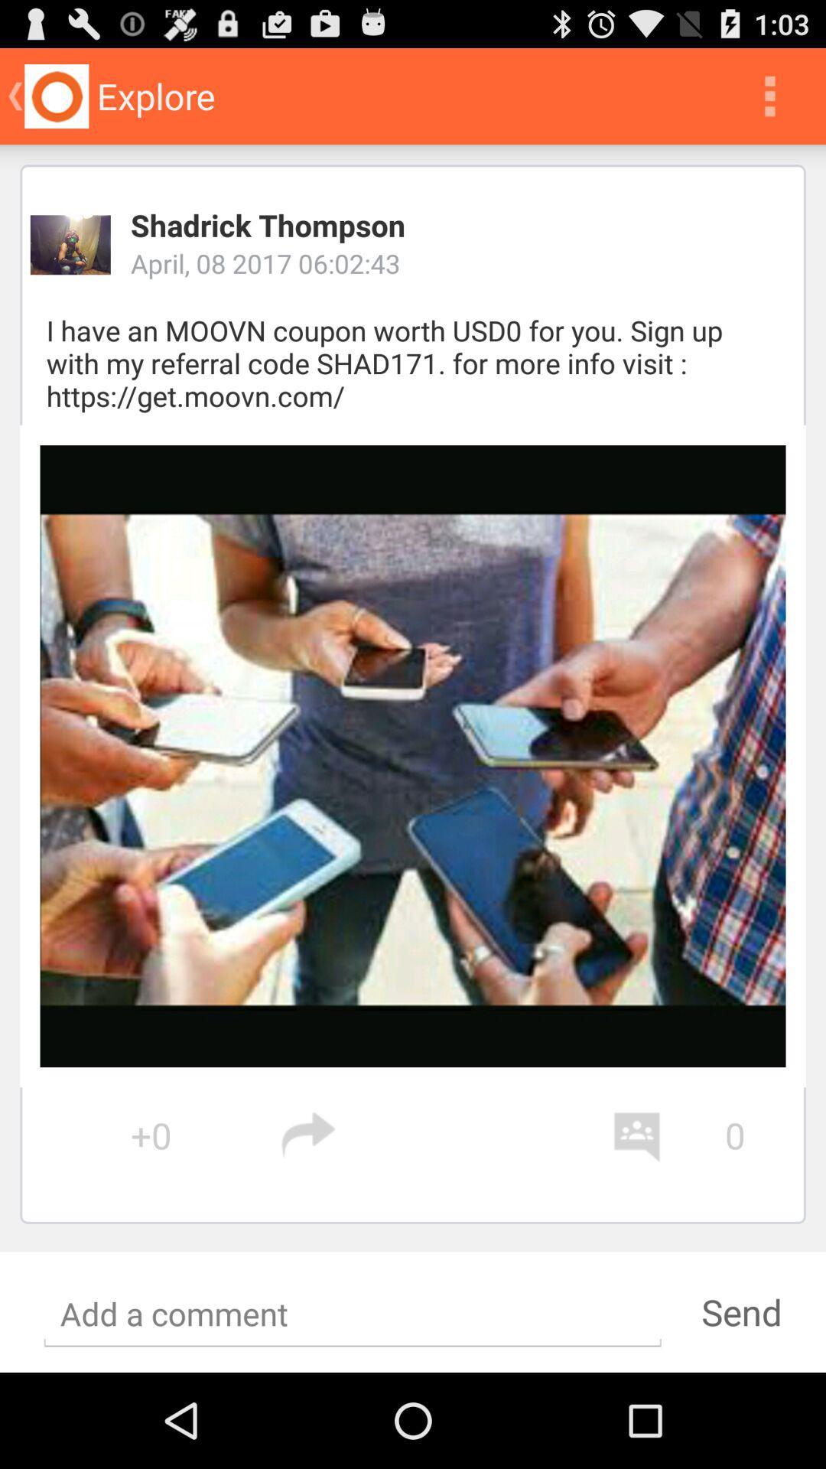  Describe the element at coordinates (740, 1311) in the screenshot. I see `send item` at that location.